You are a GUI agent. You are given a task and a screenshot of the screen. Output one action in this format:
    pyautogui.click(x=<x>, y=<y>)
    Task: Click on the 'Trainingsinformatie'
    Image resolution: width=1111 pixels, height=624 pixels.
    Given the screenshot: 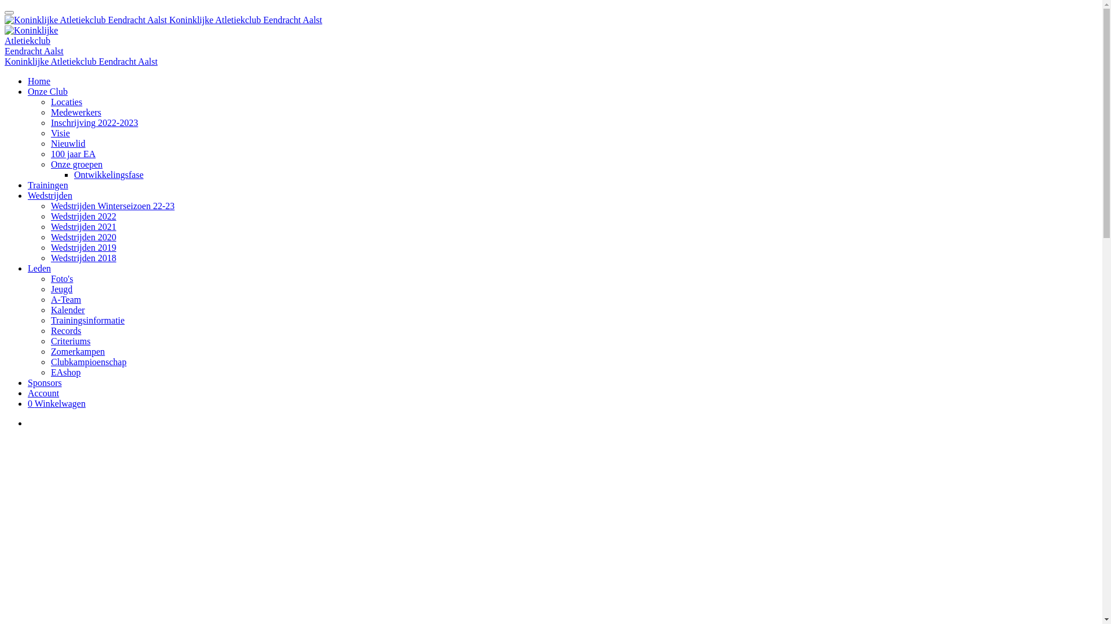 What is the action you would take?
    pyautogui.click(x=87, y=320)
    